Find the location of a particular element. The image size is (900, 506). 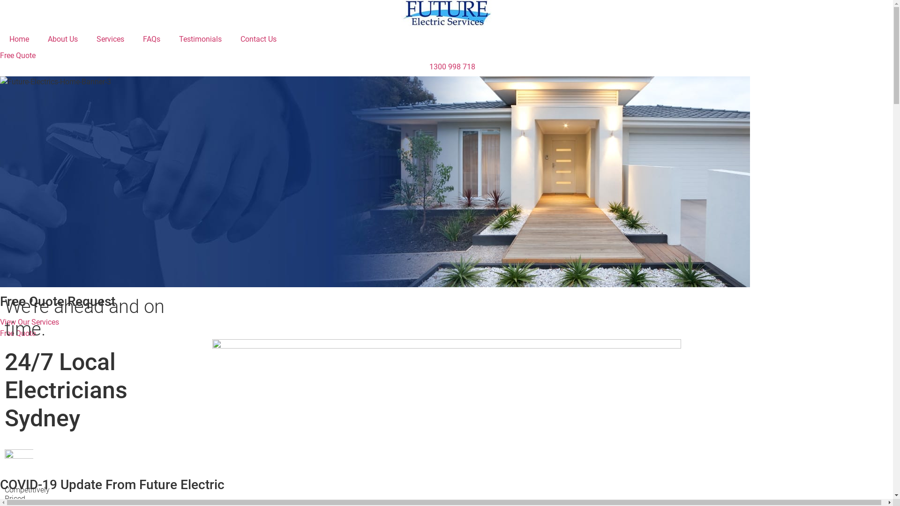

'1300 998 718' is located at coordinates (446, 66).